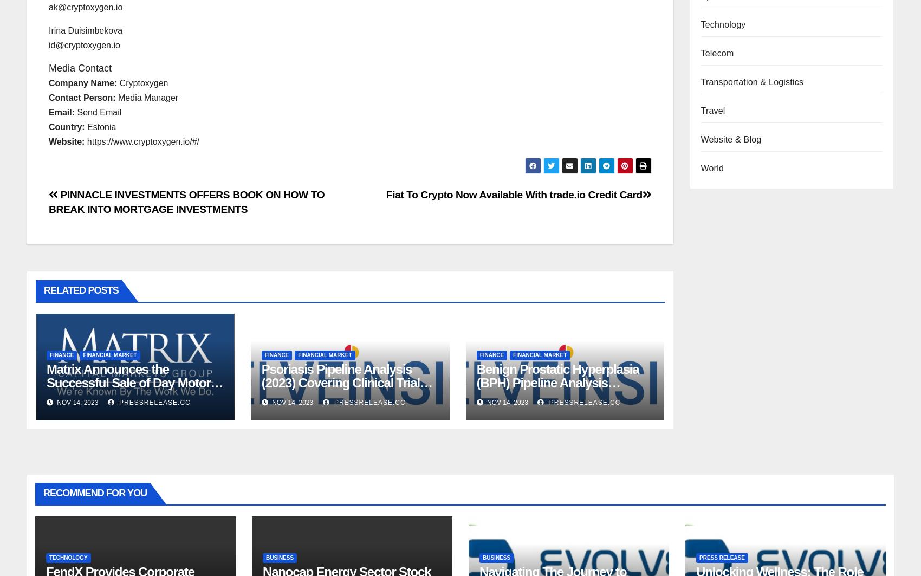 The width and height of the screenshot is (921, 576). What do you see at coordinates (83, 44) in the screenshot?
I see `'id@cryptoxygen.io'` at bounding box center [83, 44].